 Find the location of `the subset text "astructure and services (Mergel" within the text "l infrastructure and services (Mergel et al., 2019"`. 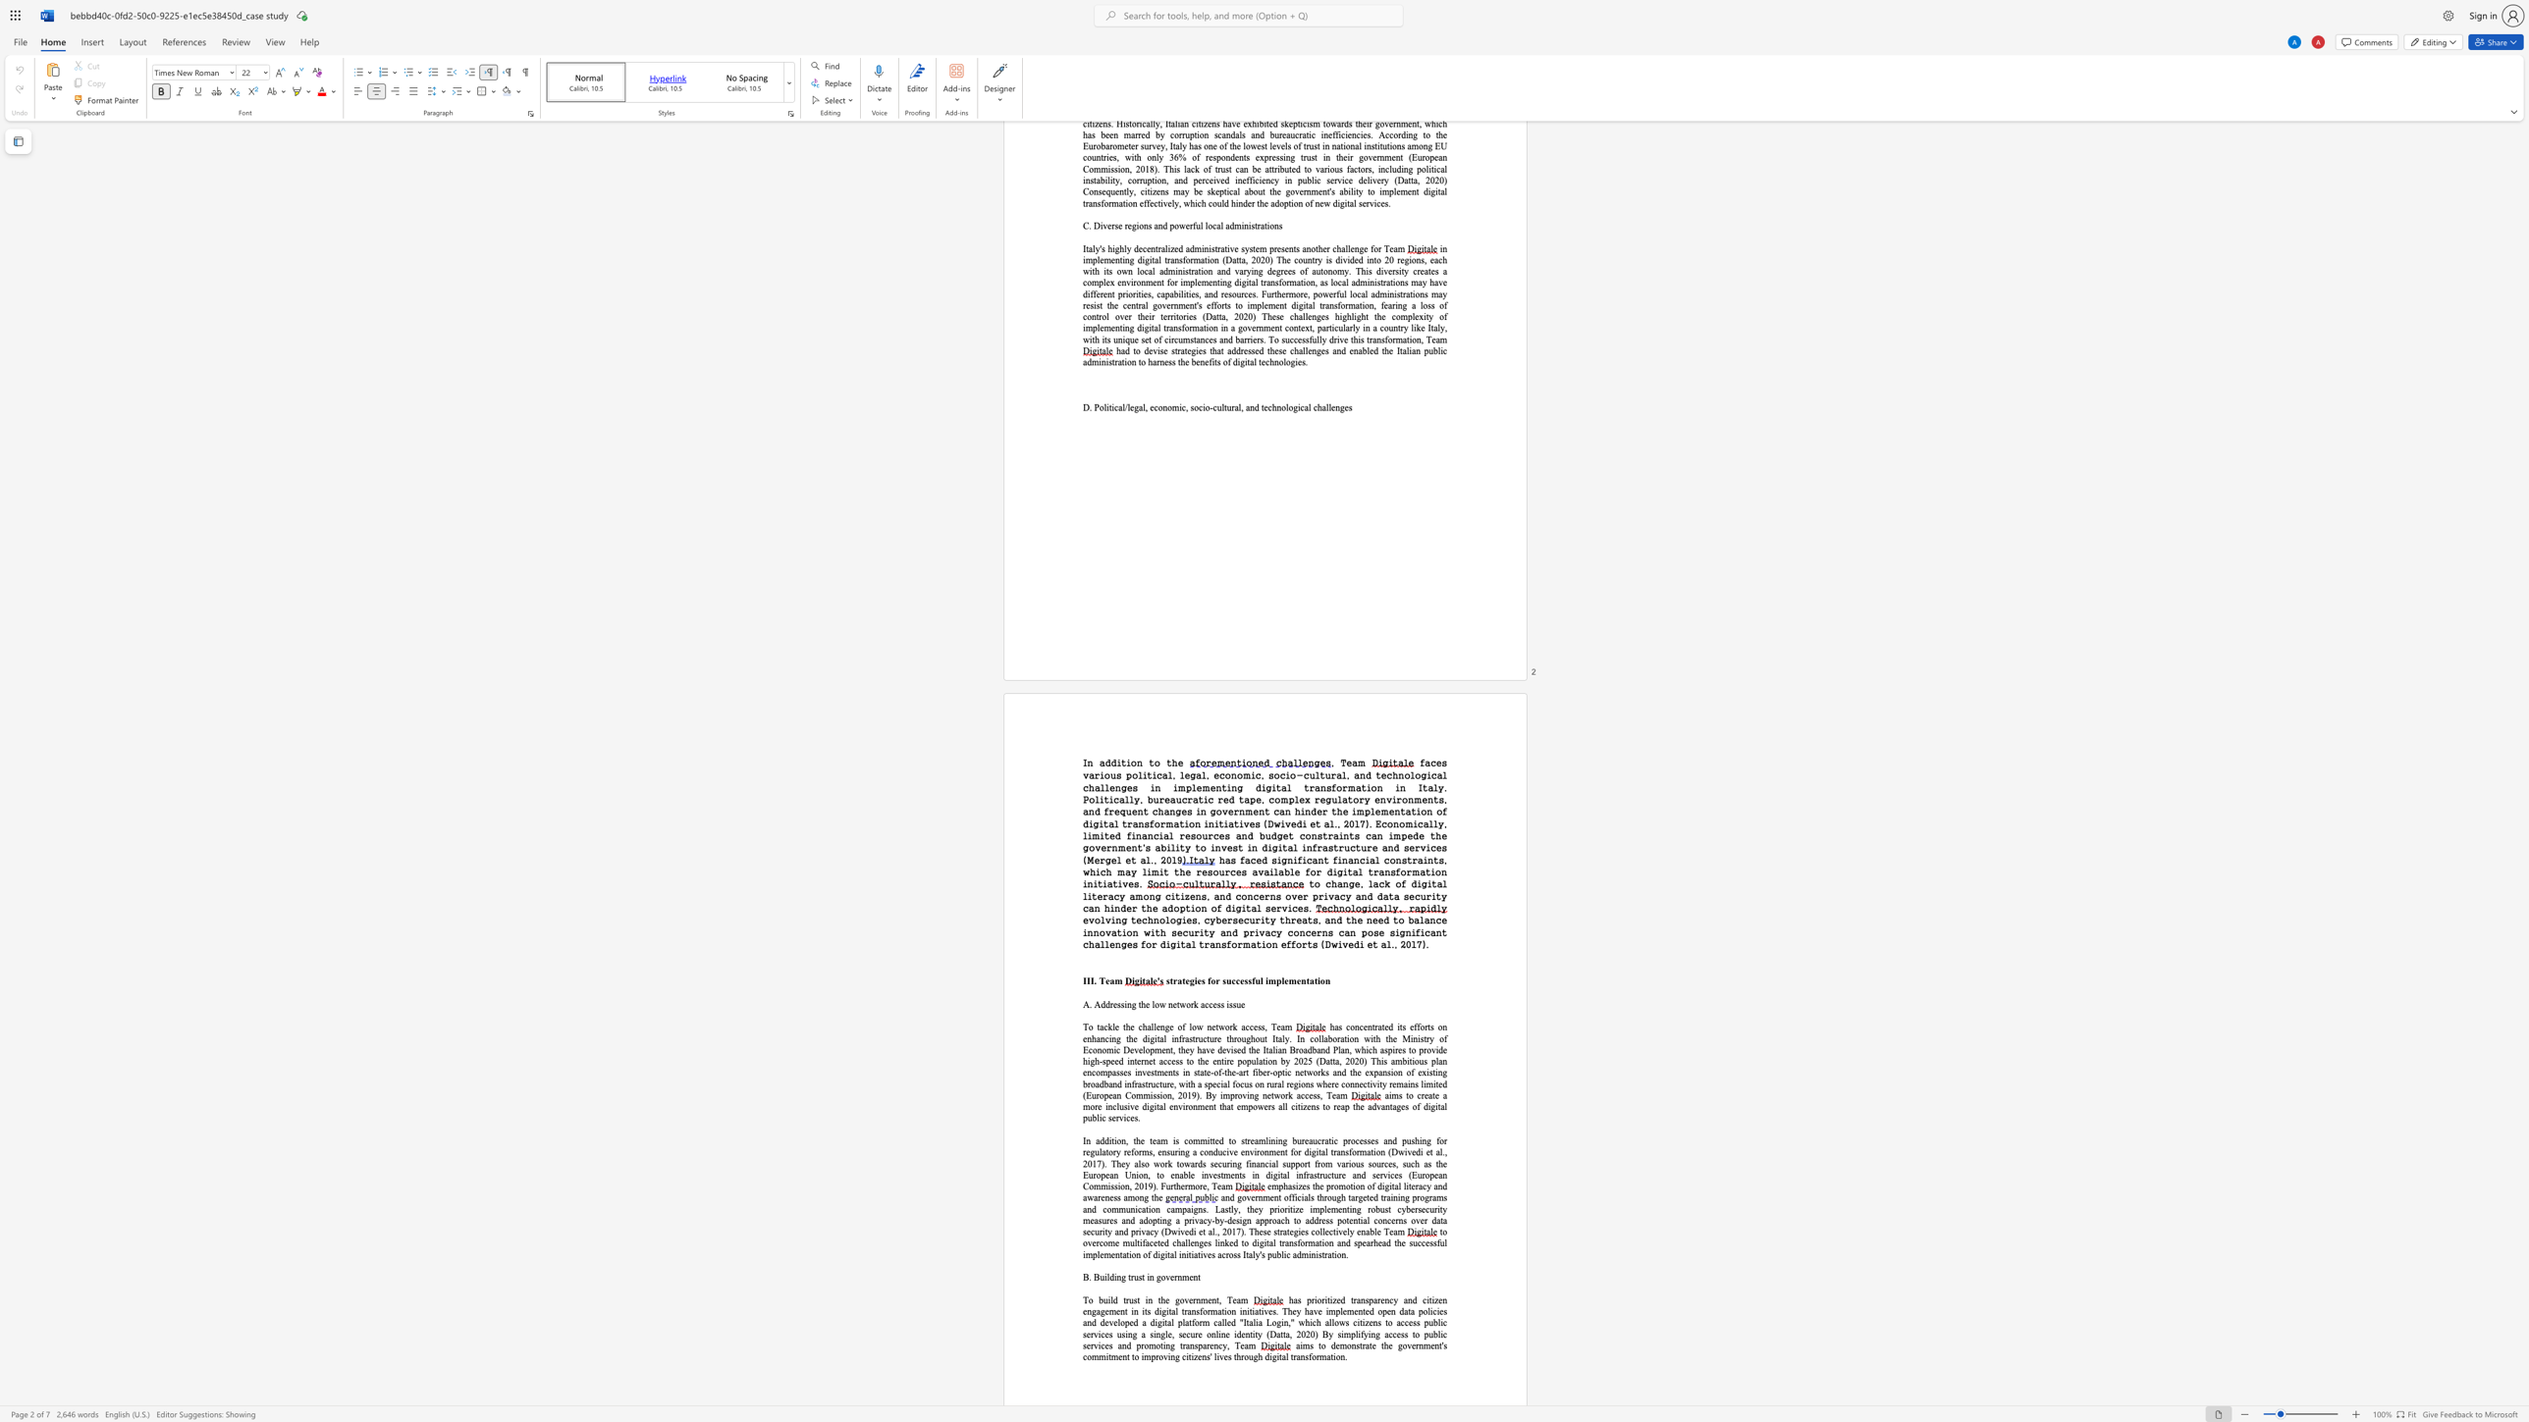

the subset text "astructure and services (Mergel" within the text "l infrastructure and services (Mergel et al., 2019" is located at coordinates (1320, 847).